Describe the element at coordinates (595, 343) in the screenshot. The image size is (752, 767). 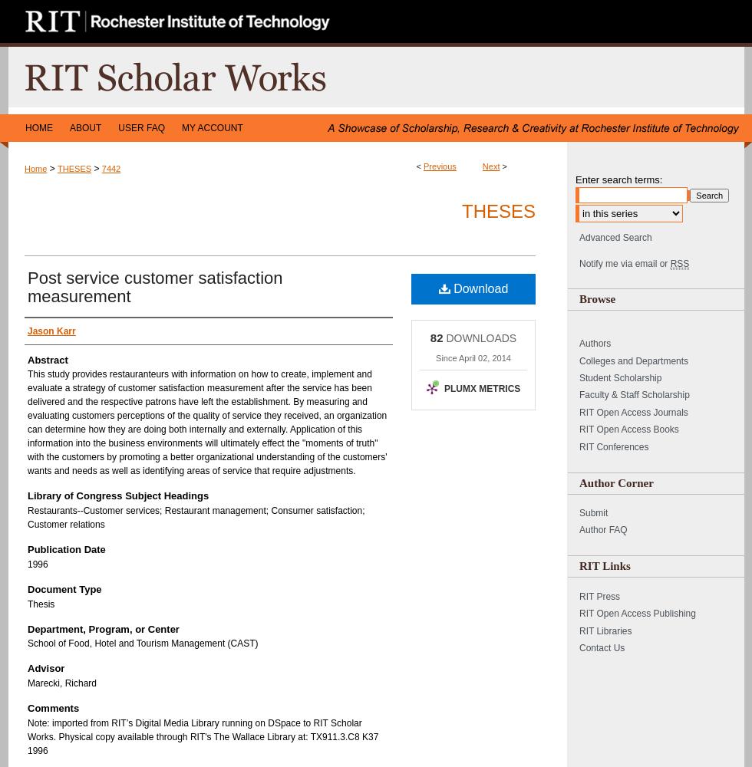
I see `'Authors'` at that location.